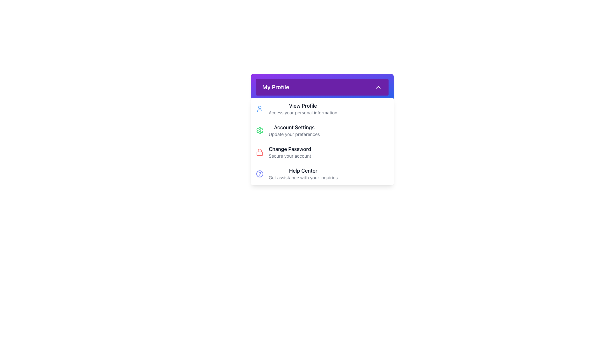  I want to click on the 'Change Password' text element with the subtitle 'Secure your account' located in the dropdown menu under 'My Profile', so click(289, 152).